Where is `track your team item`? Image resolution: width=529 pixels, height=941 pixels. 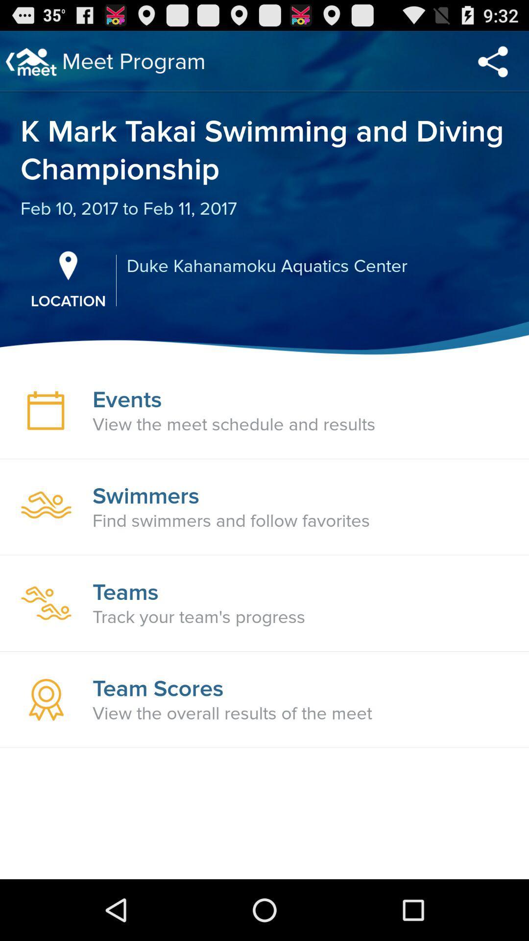 track your team item is located at coordinates (198, 617).